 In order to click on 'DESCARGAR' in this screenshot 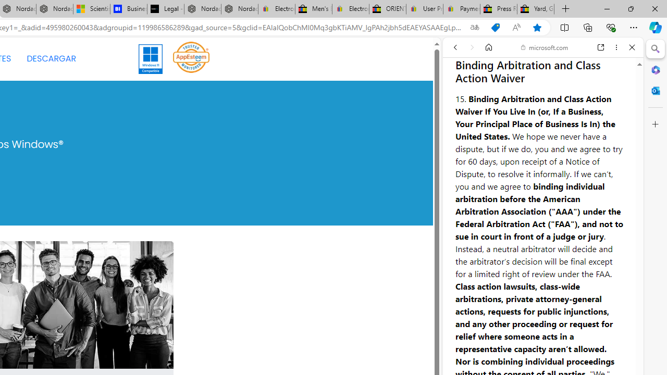, I will do `click(51, 59)`.